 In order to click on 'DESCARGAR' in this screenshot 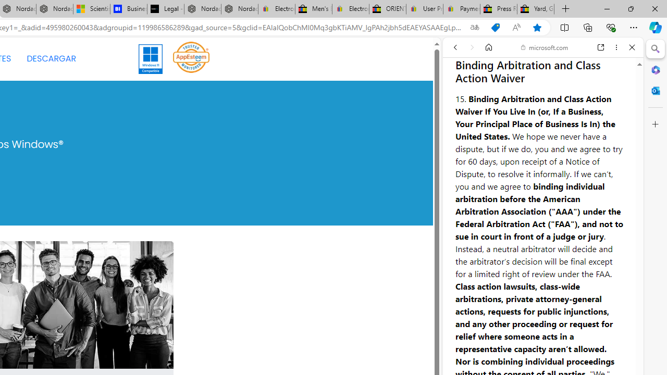, I will do `click(51, 59)`.